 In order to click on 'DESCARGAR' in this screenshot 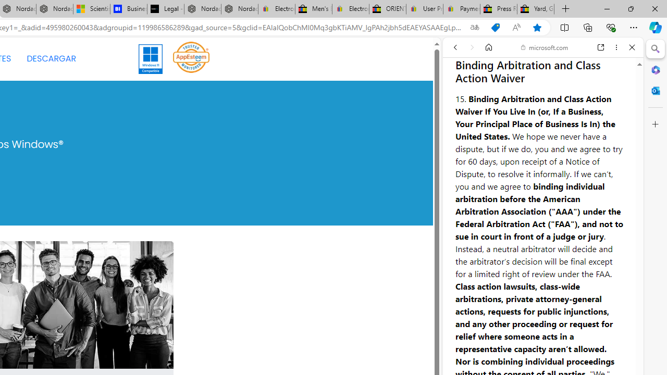, I will do `click(51, 59)`.